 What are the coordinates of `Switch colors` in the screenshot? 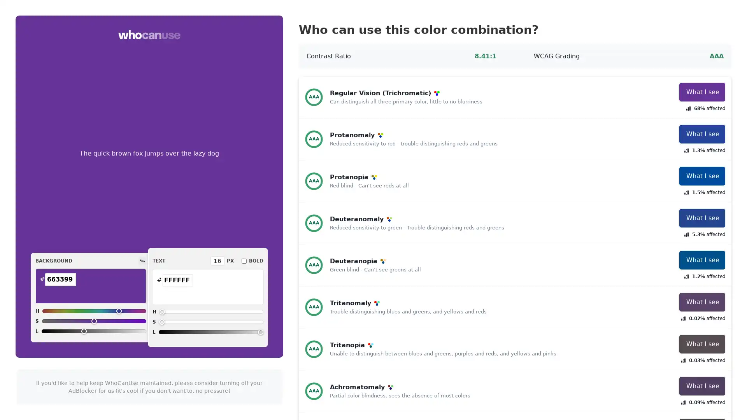 It's located at (142, 261).